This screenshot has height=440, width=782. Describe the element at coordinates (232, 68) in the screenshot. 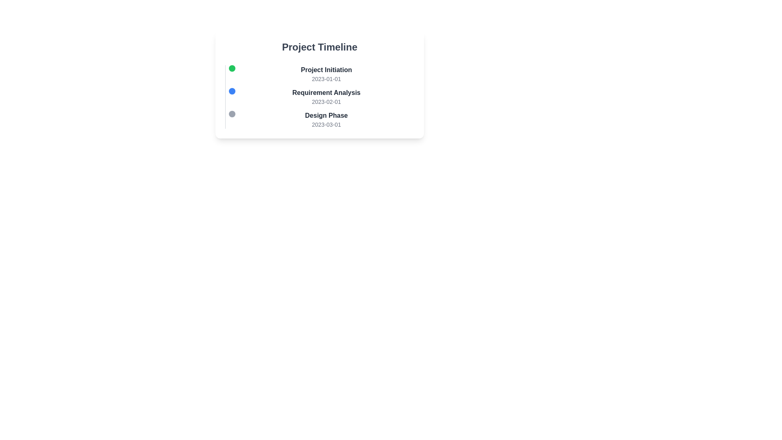

I see `the green colored circle icon that marks the 'Project Initiation' event in the timeline` at that location.